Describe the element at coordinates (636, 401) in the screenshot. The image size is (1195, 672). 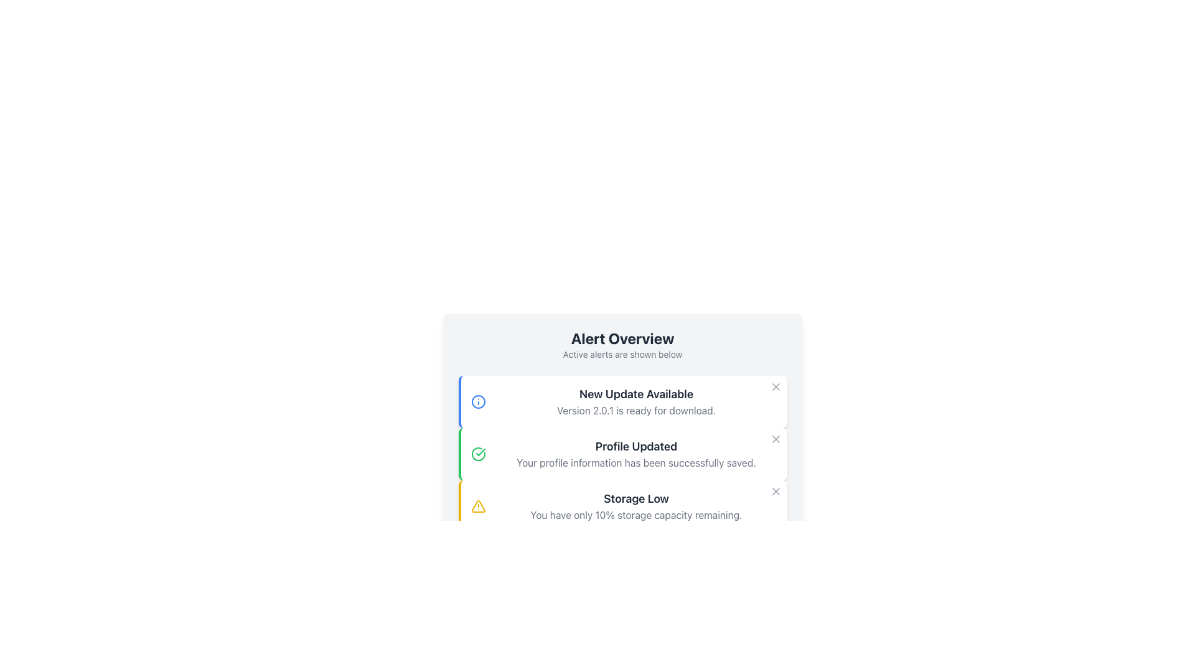
I see `the static text block displaying 'New Update Available' and 'Version 2.0.1 is ready for download', located in the second box of alert messages under 'Alert Overview'` at that location.